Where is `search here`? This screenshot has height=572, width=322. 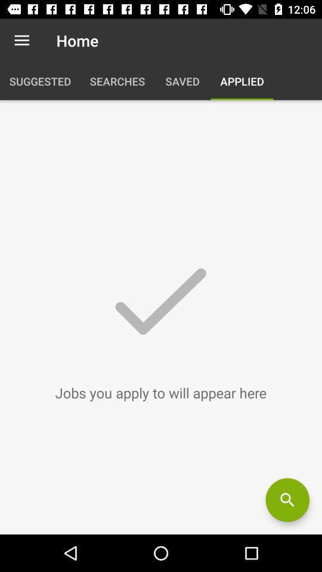 search here is located at coordinates (287, 500).